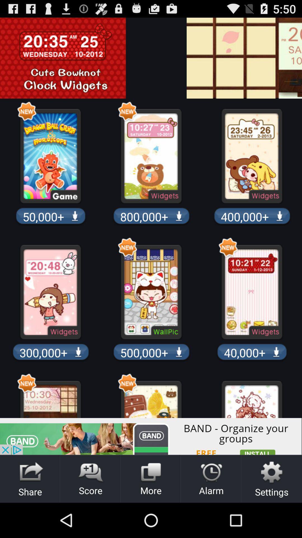  What do you see at coordinates (147, 58) in the screenshot?
I see `clock widgets advertisement` at bounding box center [147, 58].